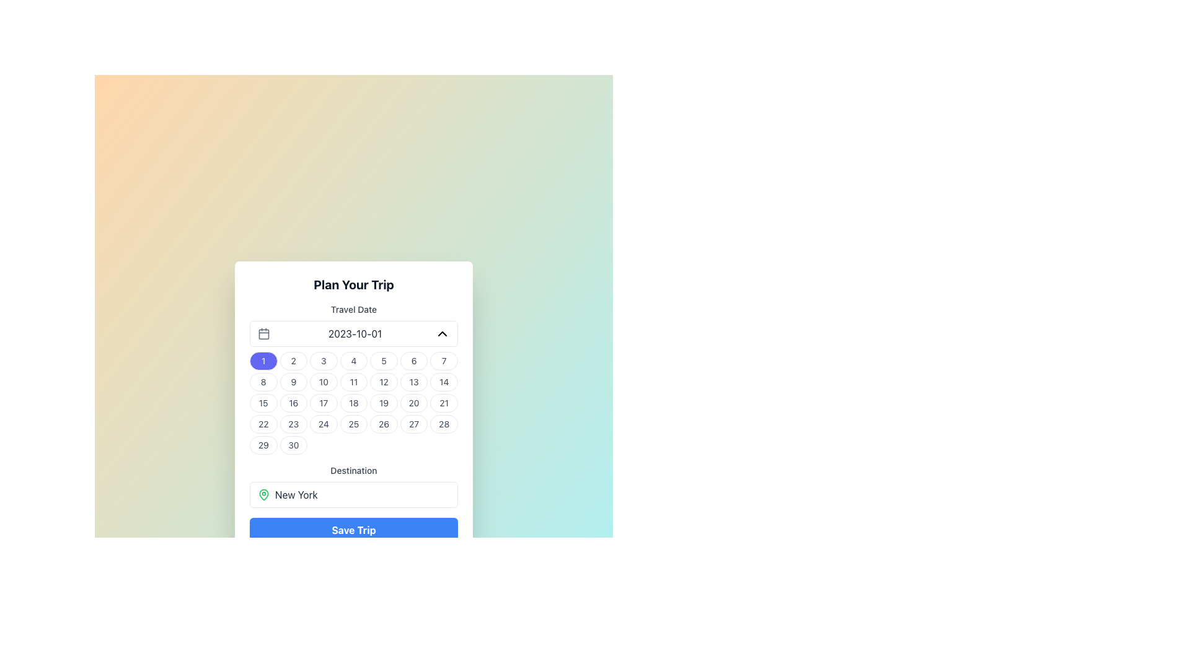  Describe the element at coordinates (383, 403) in the screenshot. I see `the circular button labeled '19' in the calendar grid below the 'Travel Date' header` at that location.